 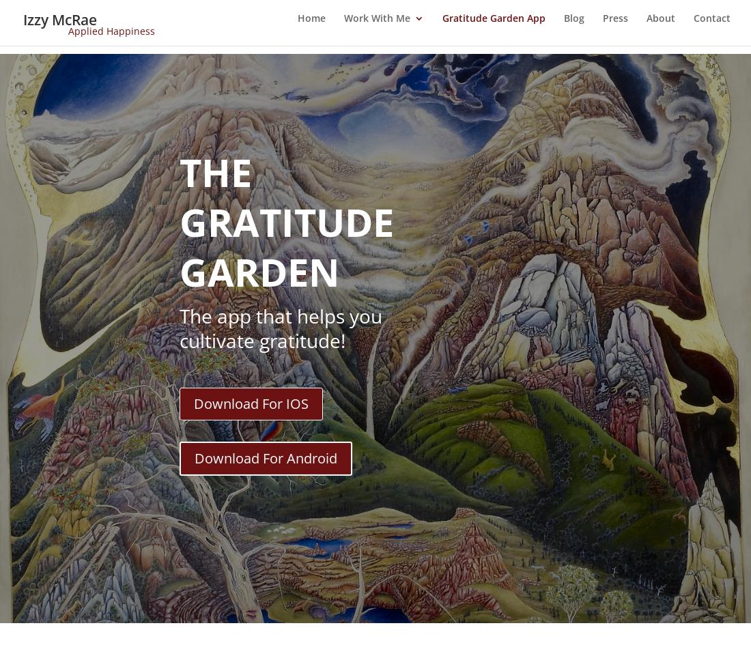 What do you see at coordinates (311, 27) in the screenshot?
I see `'Home'` at bounding box center [311, 27].